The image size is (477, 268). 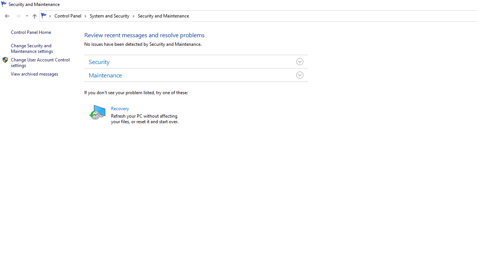 What do you see at coordinates (31, 32) in the screenshot?
I see `'Control Panel Home'` at bounding box center [31, 32].